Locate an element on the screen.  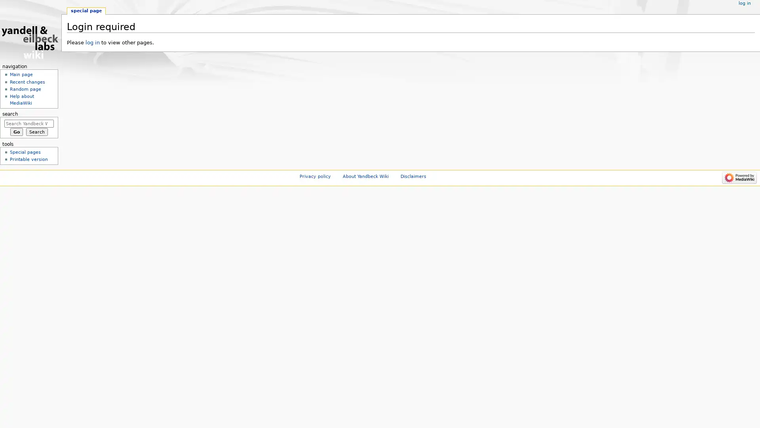
Search is located at coordinates (36, 131).